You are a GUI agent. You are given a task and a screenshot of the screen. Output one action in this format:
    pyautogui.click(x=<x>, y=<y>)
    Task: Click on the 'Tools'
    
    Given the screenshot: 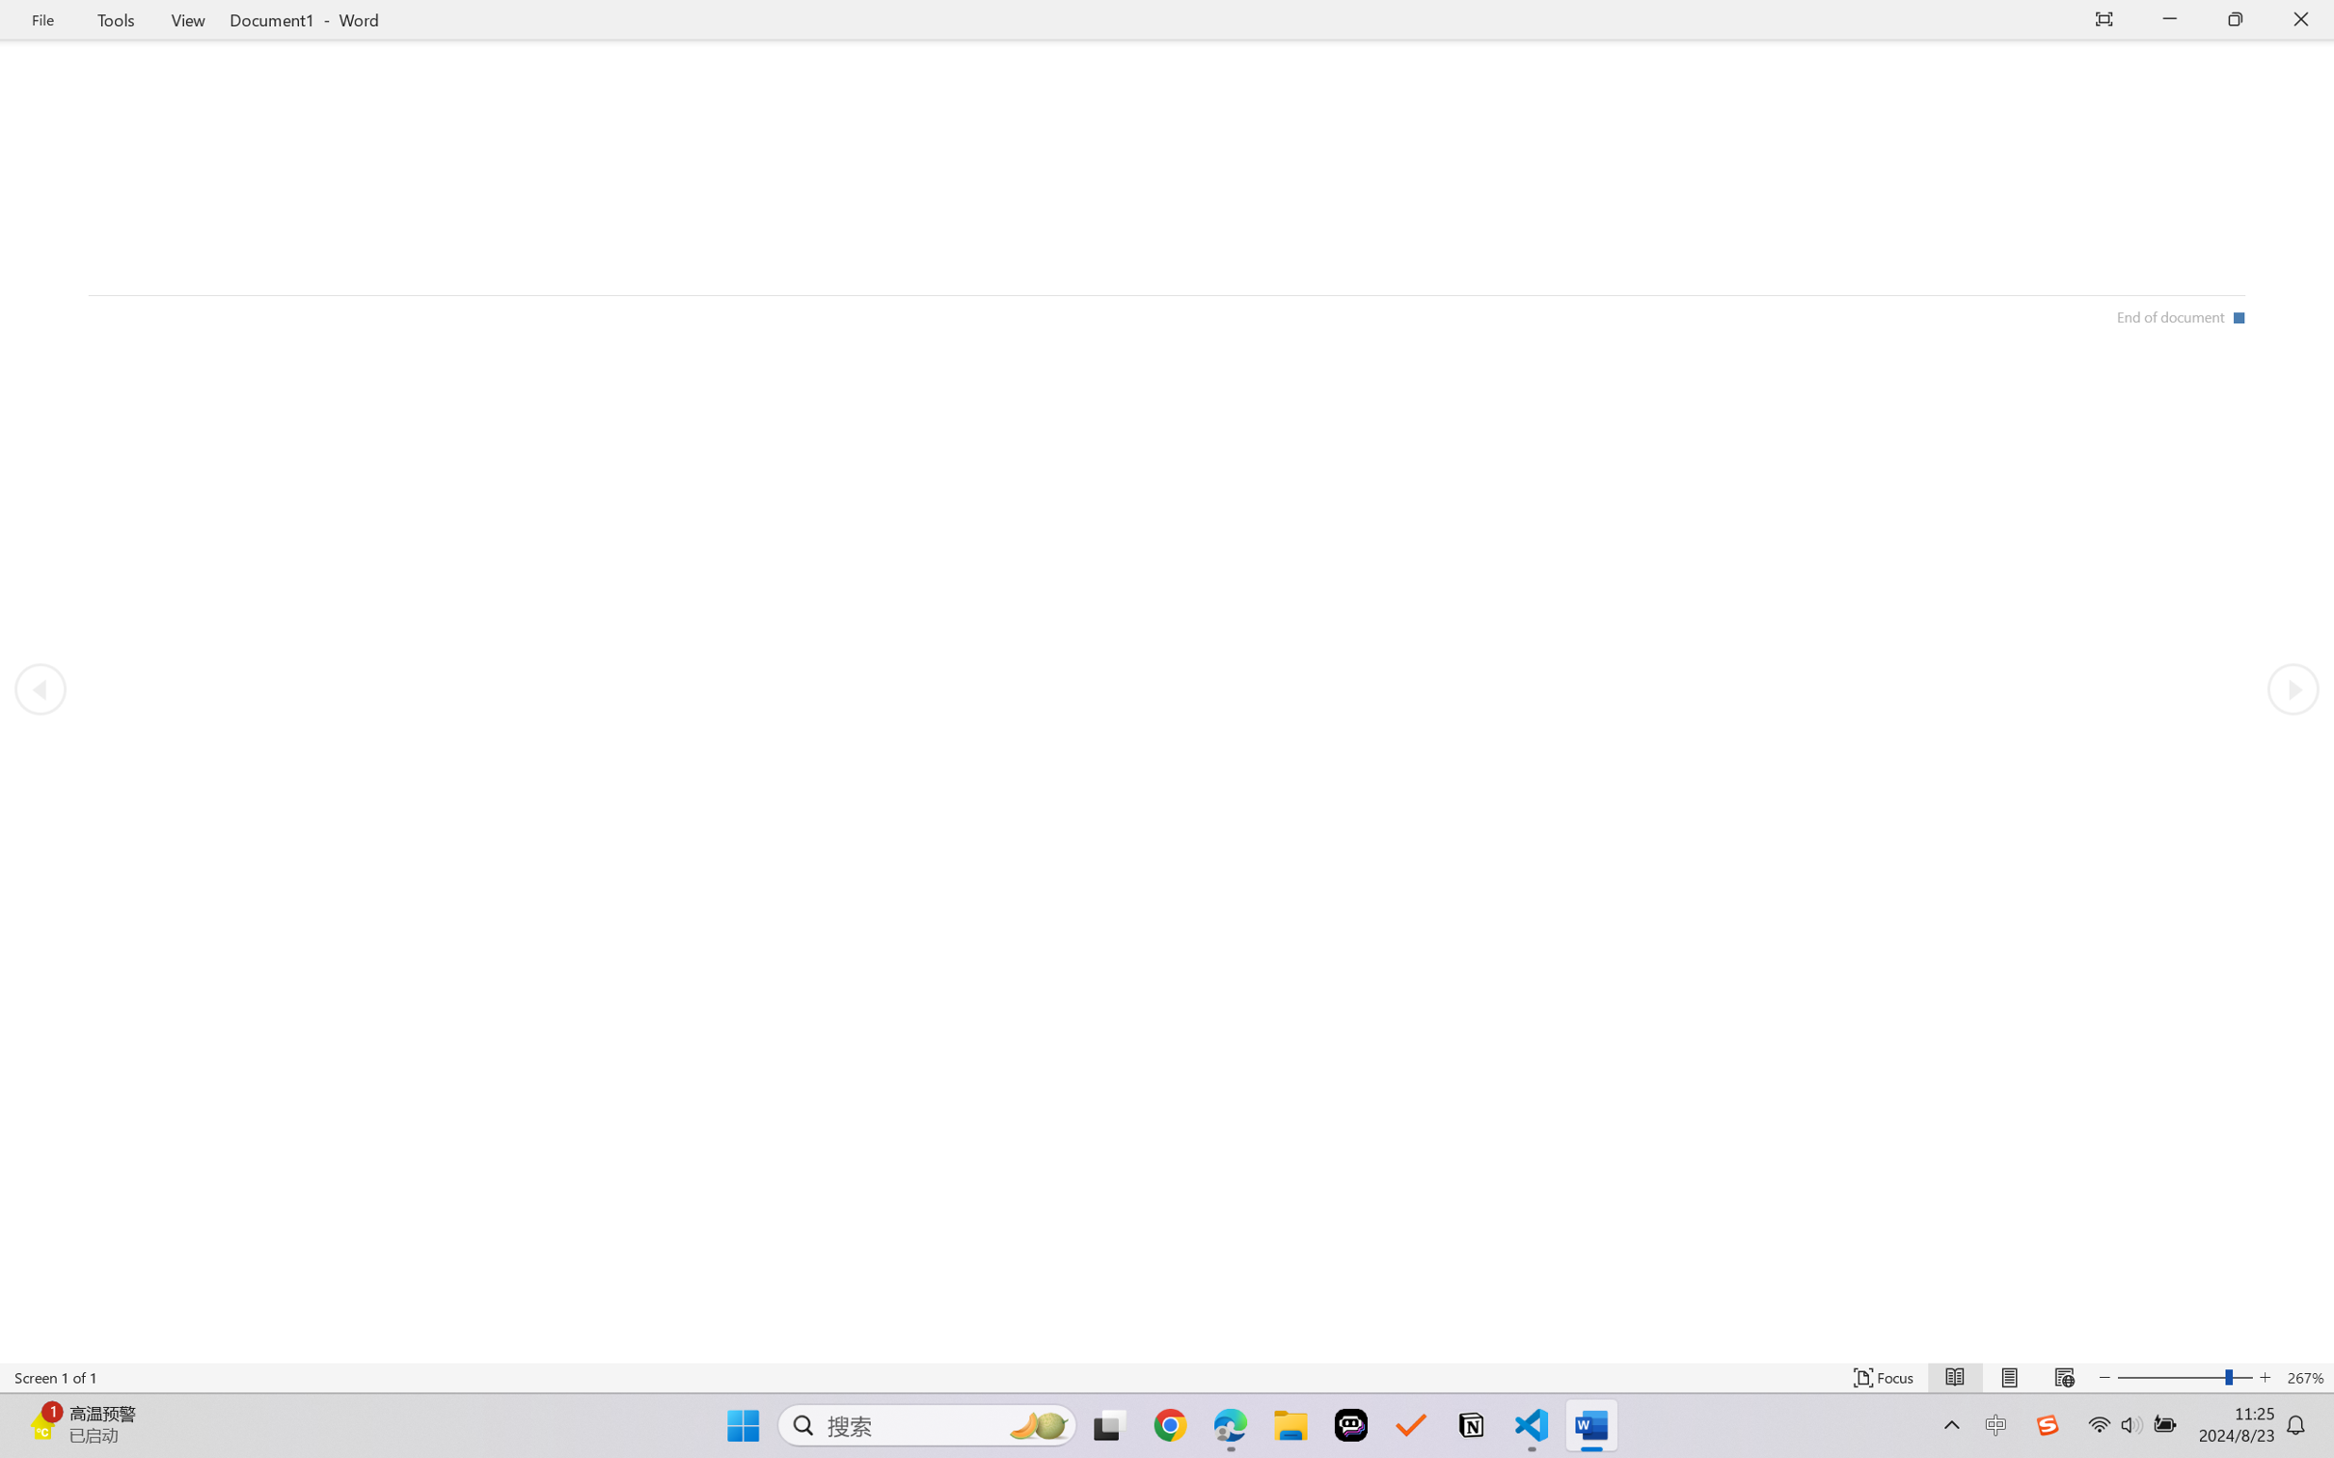 What is the action you would take?
    pyautogui.click(x=117, y=19)
    